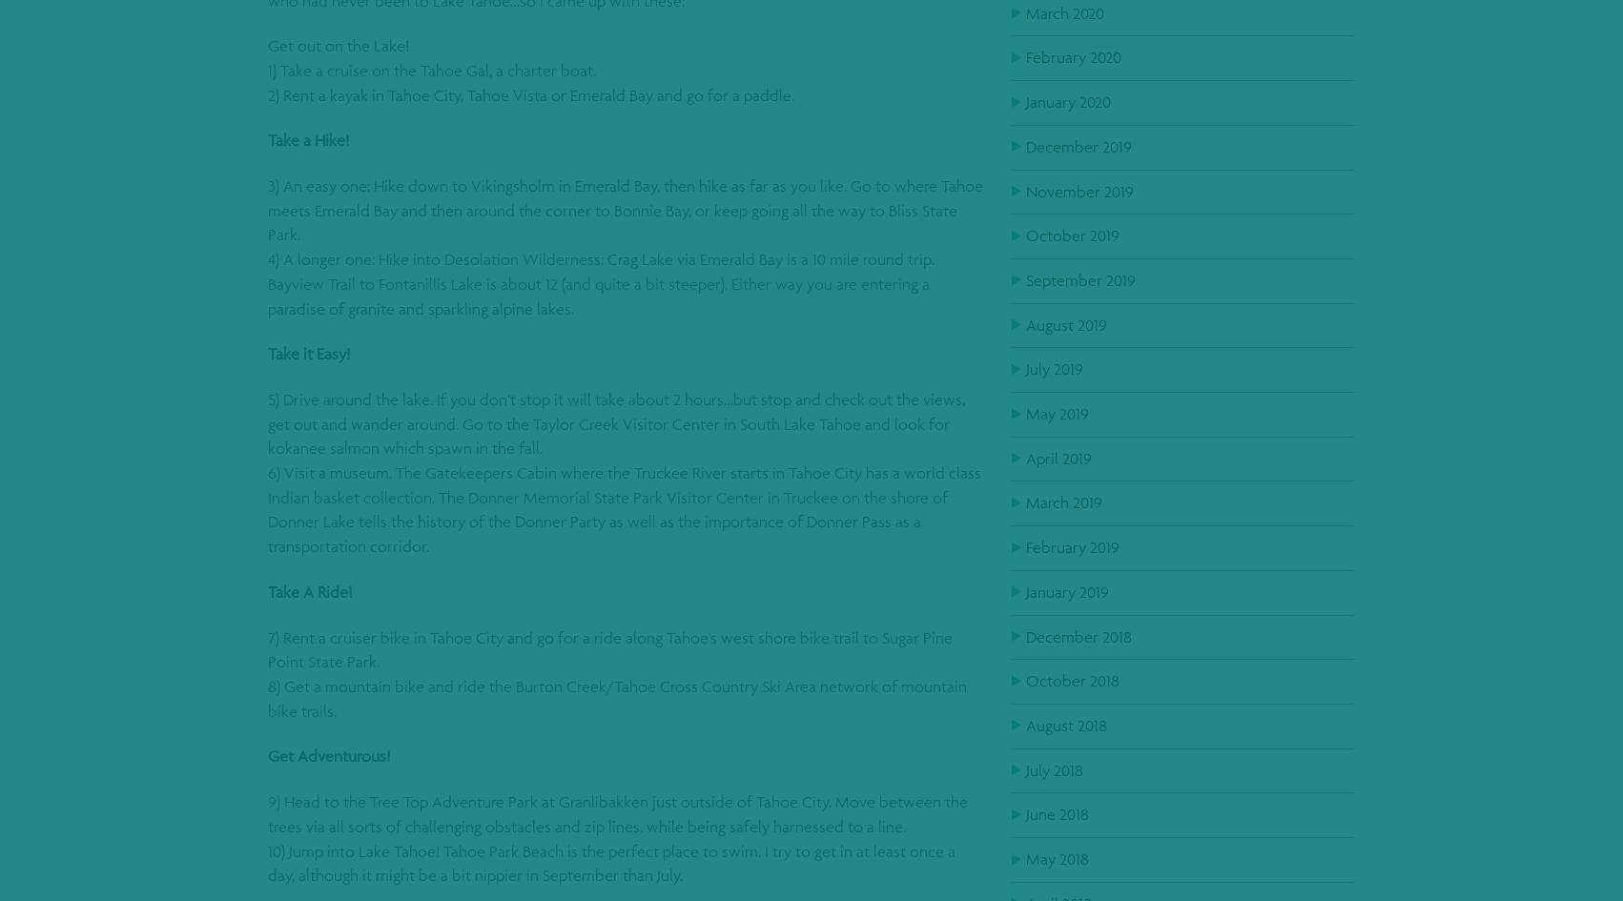  I want to click on 'January 2019', so click(1066, 590).